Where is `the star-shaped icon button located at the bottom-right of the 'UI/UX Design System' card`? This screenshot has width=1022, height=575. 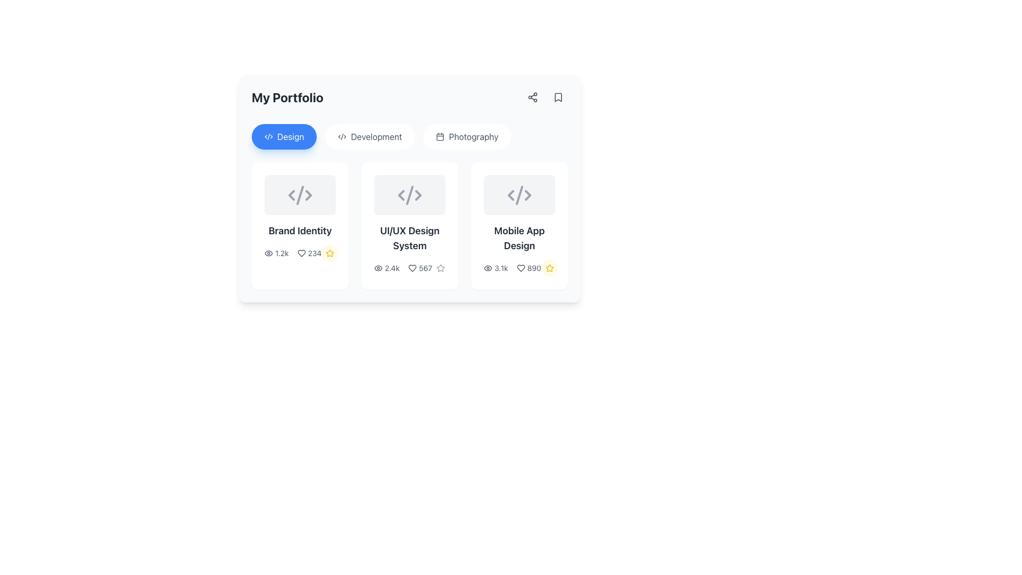
the star-shaped icon button located at the bottom-right of the 'UI/UX Design System' card is located at coordinates (441, 268).